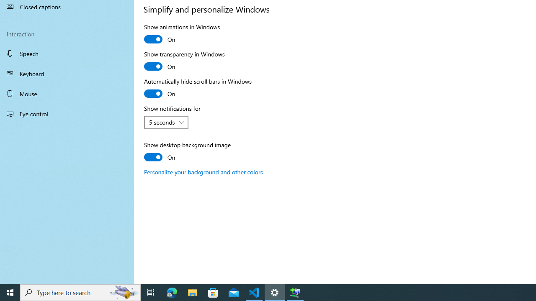  I want to click on 'Personalize your background and other colors', so click(204, 171).